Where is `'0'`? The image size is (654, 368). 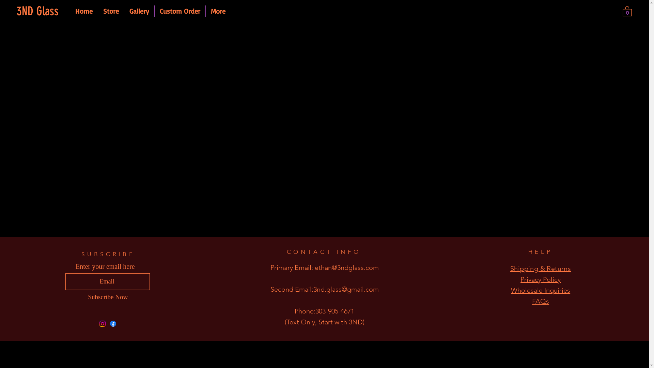
'0' is located at coordinates (627, 11).